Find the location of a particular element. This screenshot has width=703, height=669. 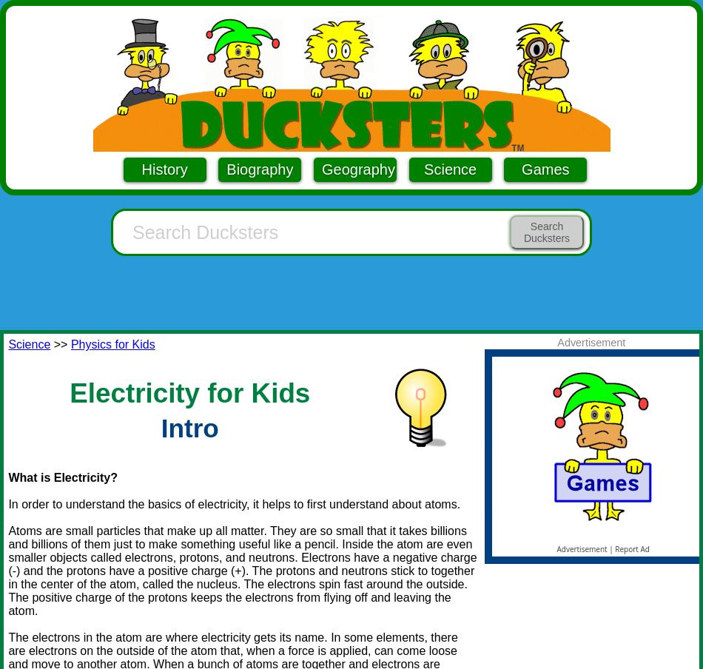

'Geography' is located at coordinates (321, 168).